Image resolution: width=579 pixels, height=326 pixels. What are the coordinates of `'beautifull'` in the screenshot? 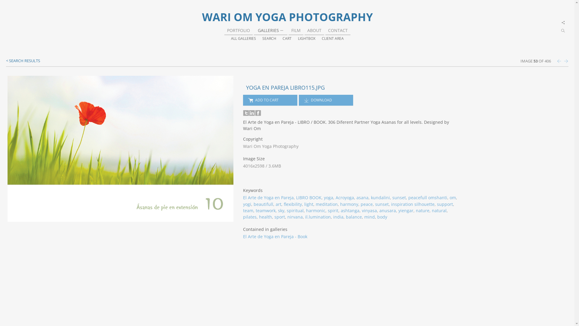 It's located at (263, 204).